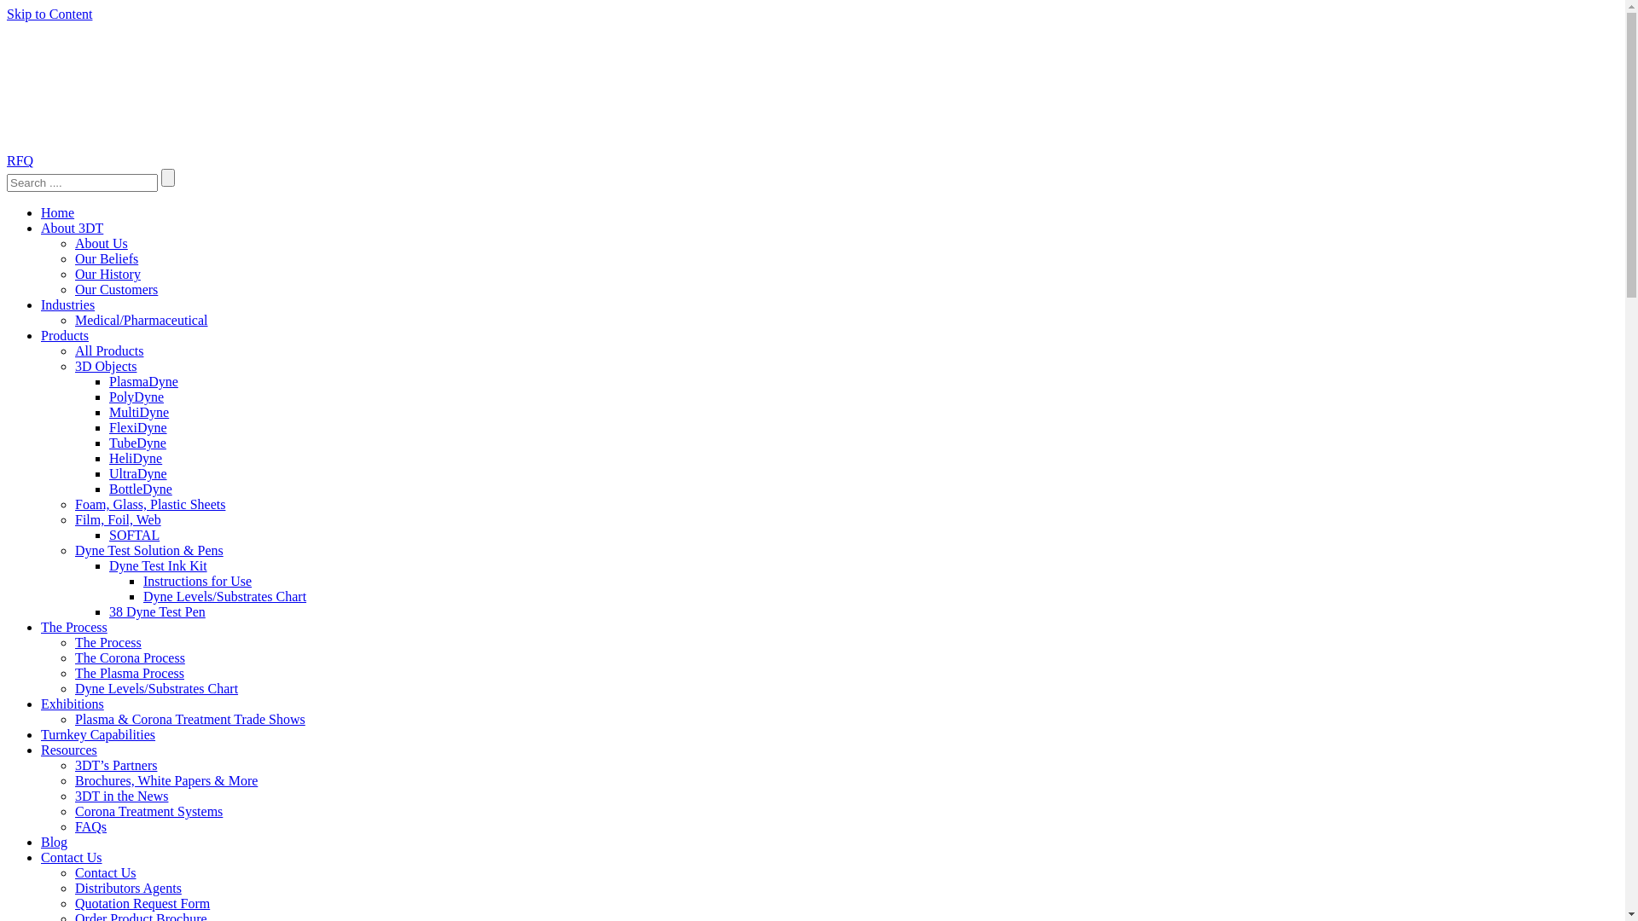 This screenshot has height=921, width=1638. What do you see at coordinates (107, 273) in the screenshot?
I see `'Our History'` at bounding box center [107, 273].